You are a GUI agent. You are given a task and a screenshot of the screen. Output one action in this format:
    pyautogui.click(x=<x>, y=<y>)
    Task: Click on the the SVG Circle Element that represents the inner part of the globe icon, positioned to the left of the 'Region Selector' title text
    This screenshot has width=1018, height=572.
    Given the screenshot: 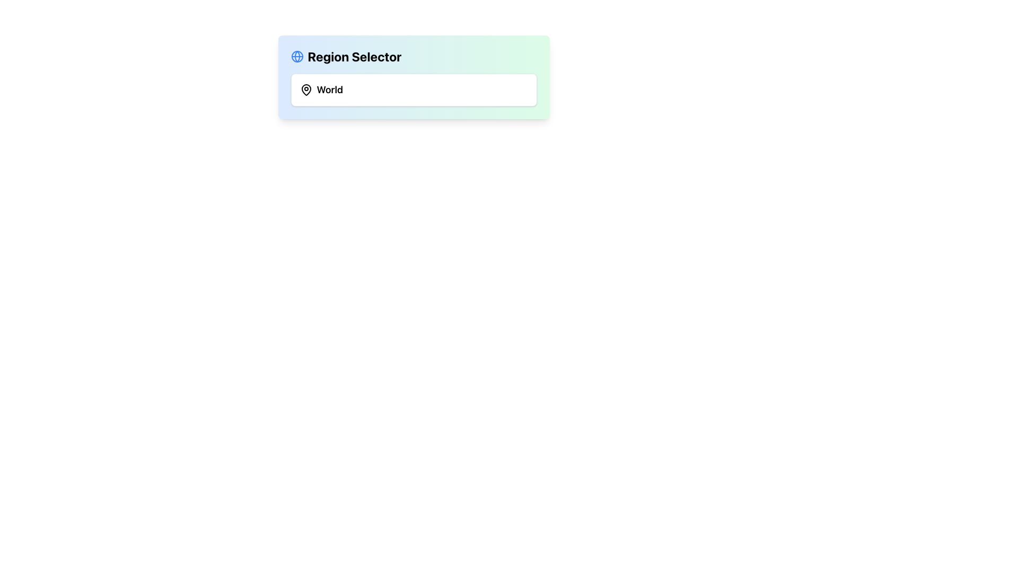 What is the action you would take?
    pyautogui.click(x=297, y=57)
    